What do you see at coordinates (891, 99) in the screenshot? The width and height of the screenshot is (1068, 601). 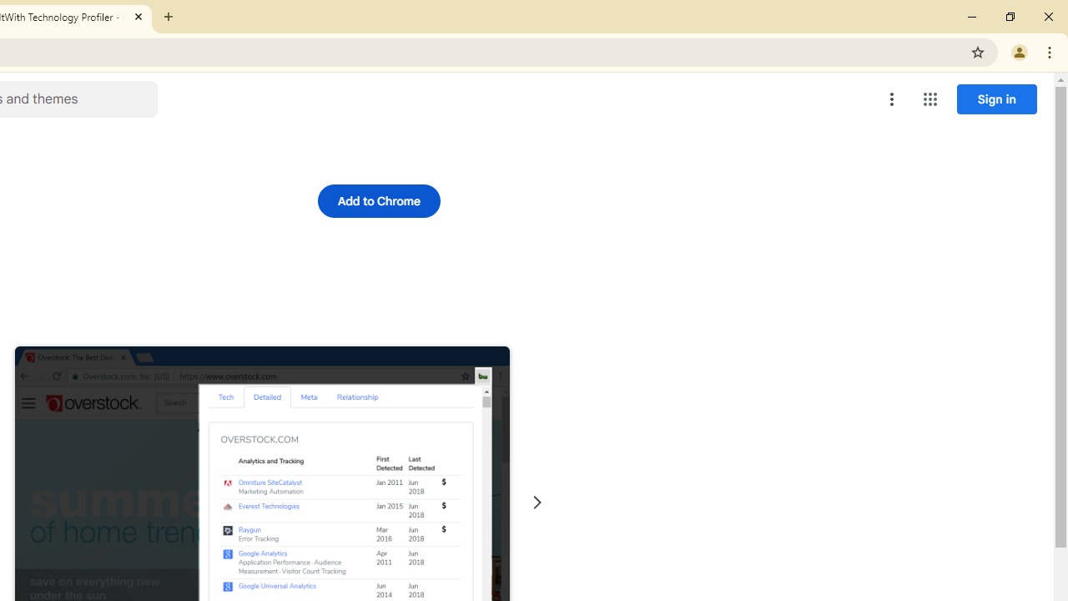 I see `'More options menu'` at bounding box center [891, 99].